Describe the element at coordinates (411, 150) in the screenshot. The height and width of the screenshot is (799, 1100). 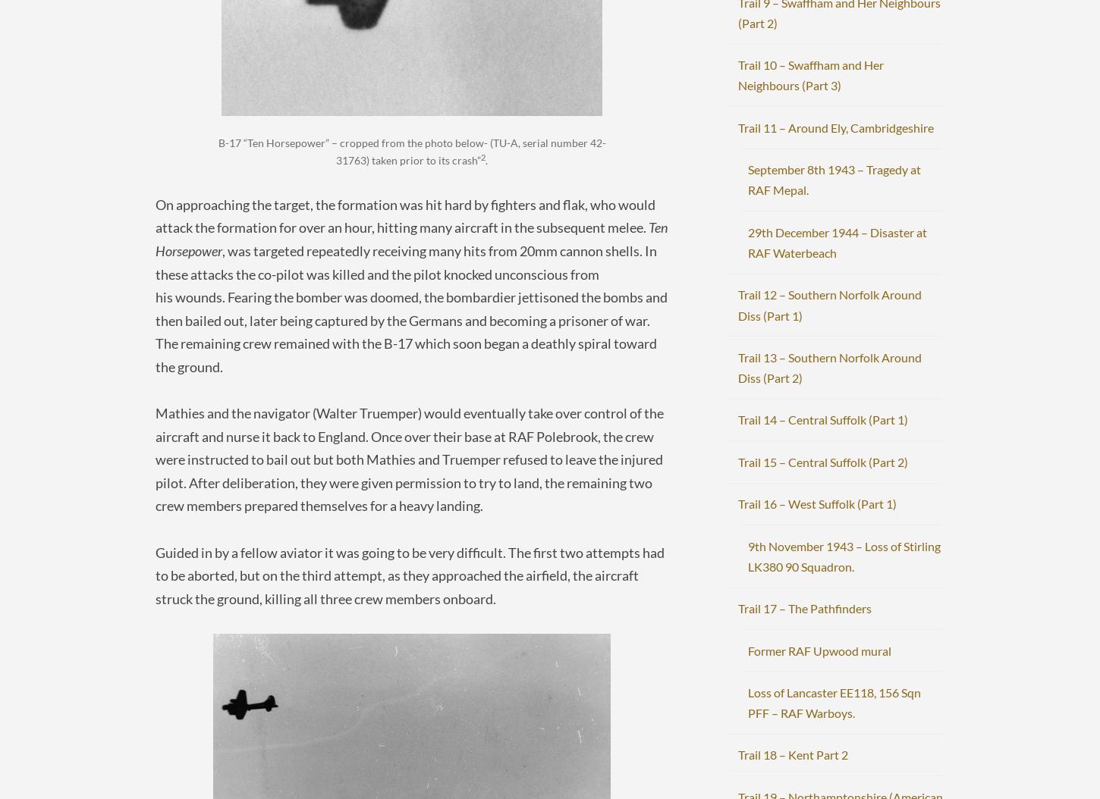
I see `'B-17 “Ten Horsepower” – cropped from the photo below- (TU-A, serial number 42-31763) taken prior to its crash”'` at that location.